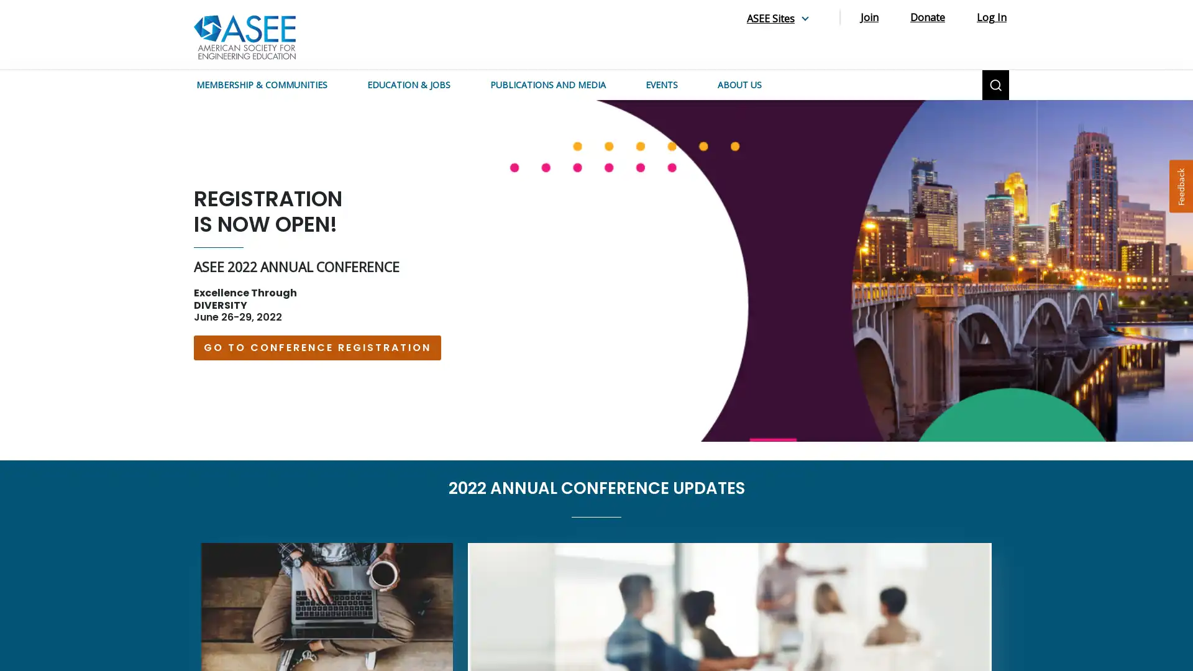  Describe the element at coordinates (317, 347) in the screenshot. I see `GO TO CONFERENCE REGISTRATION` at that location.